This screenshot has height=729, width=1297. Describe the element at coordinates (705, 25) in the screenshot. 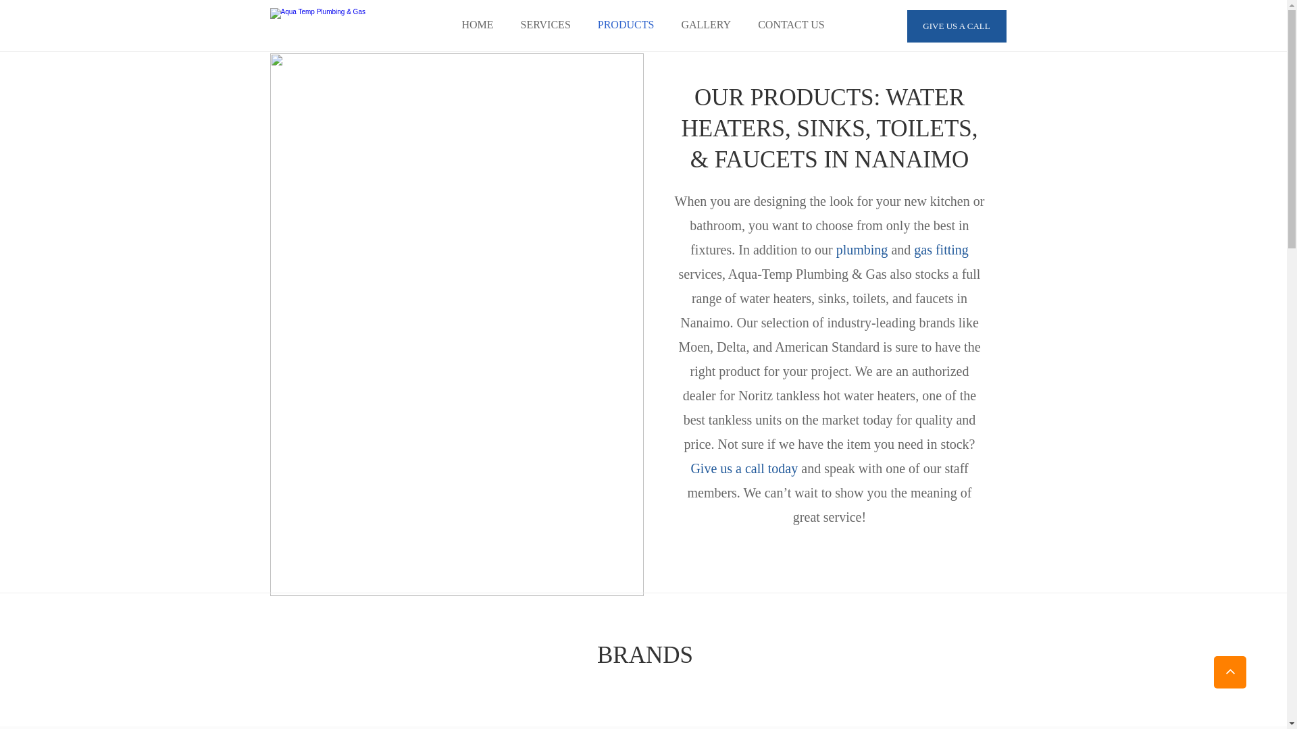

I see `'GALLERY'` at that location.